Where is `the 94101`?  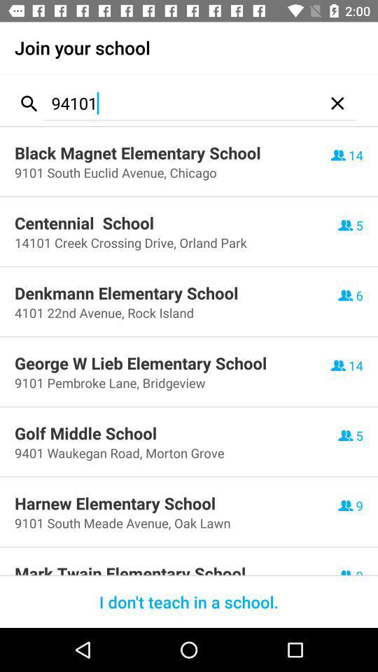 the 94101 is located at coordinates (181, 102).